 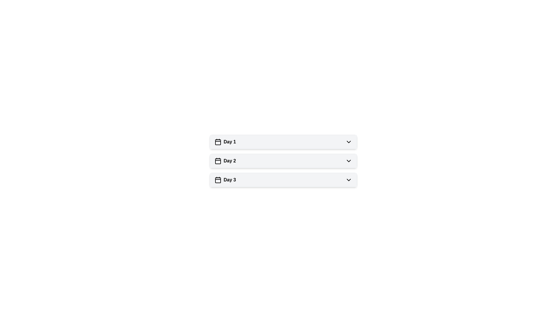 I want to click on the interactive list item for 'Day 2', so click(x=283, y=161).